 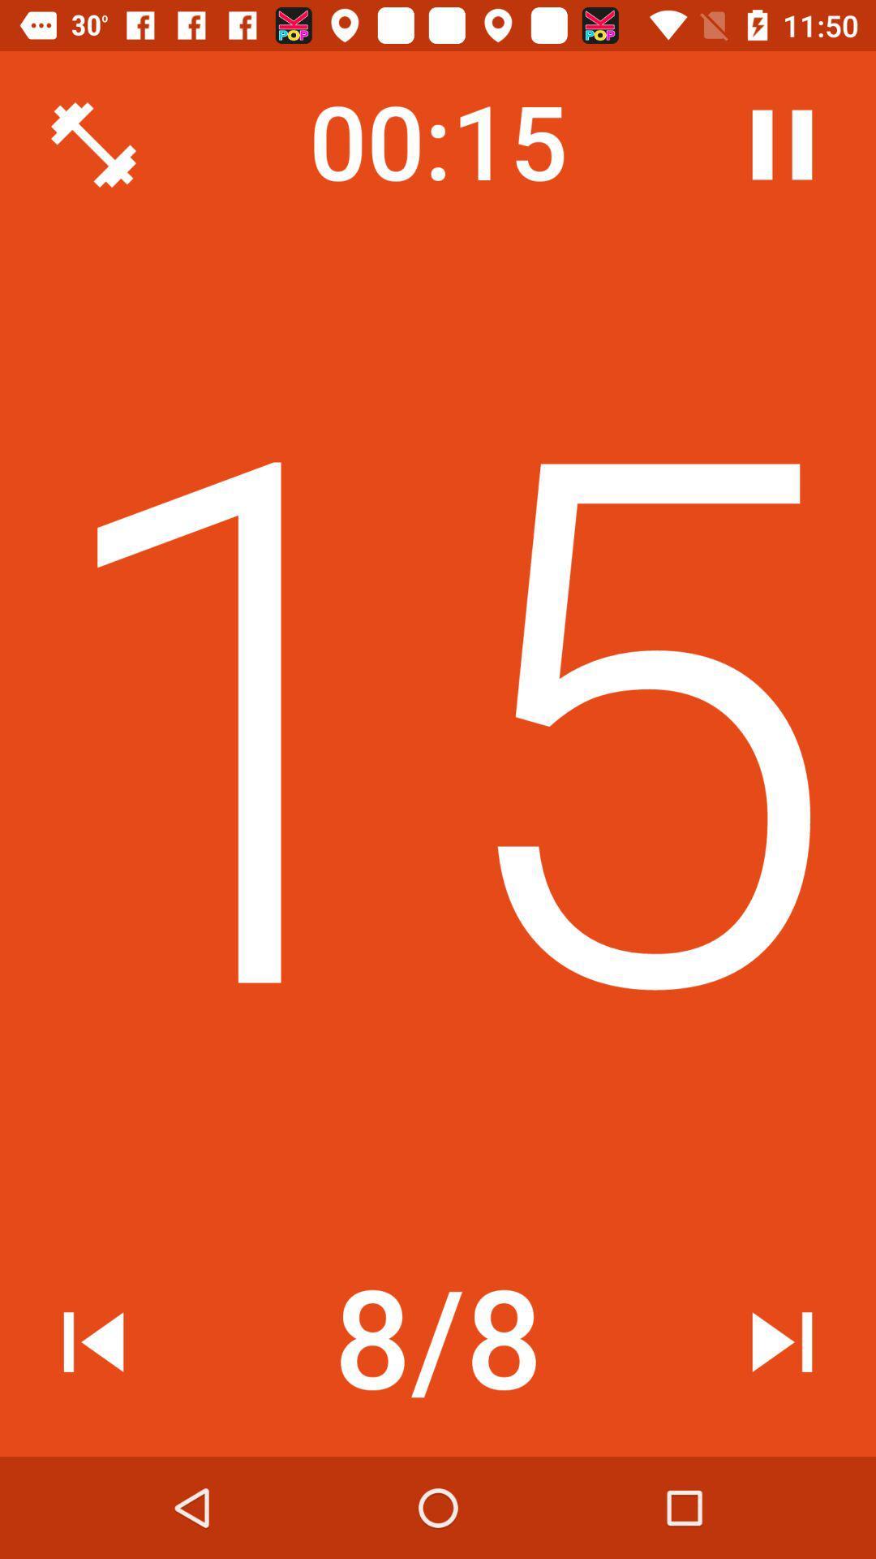 I want to click on item below 14 item, so click(x=93, y=1341).